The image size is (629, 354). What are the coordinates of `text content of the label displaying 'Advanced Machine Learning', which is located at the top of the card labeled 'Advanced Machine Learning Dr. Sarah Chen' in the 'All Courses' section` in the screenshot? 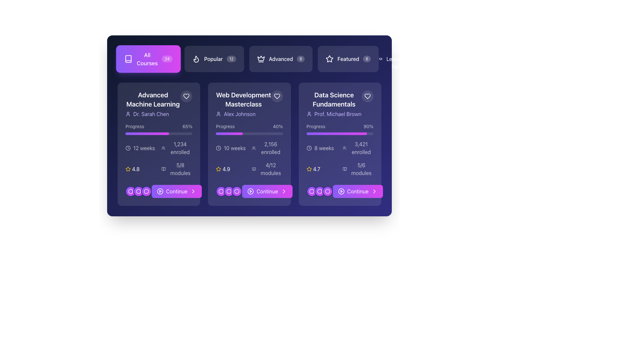 It's located at (153, 100).